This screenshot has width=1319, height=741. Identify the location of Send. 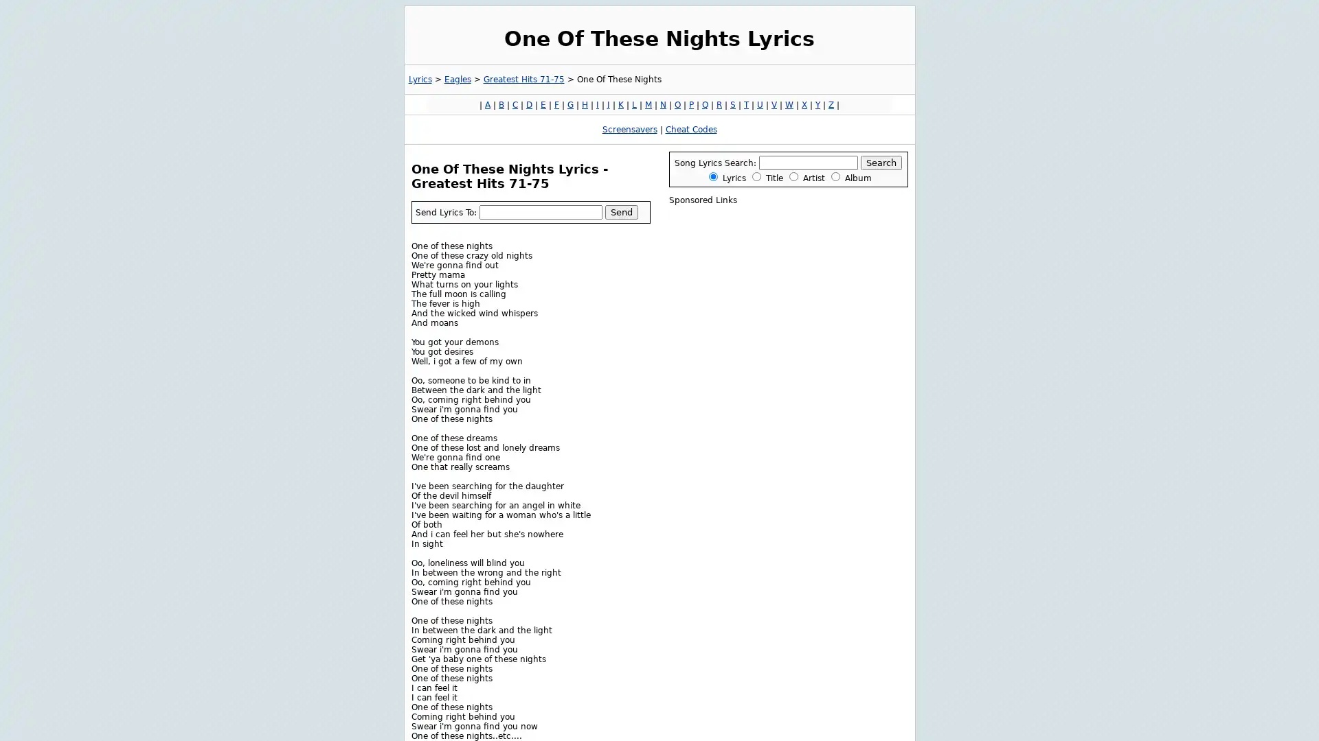
(620, 211).